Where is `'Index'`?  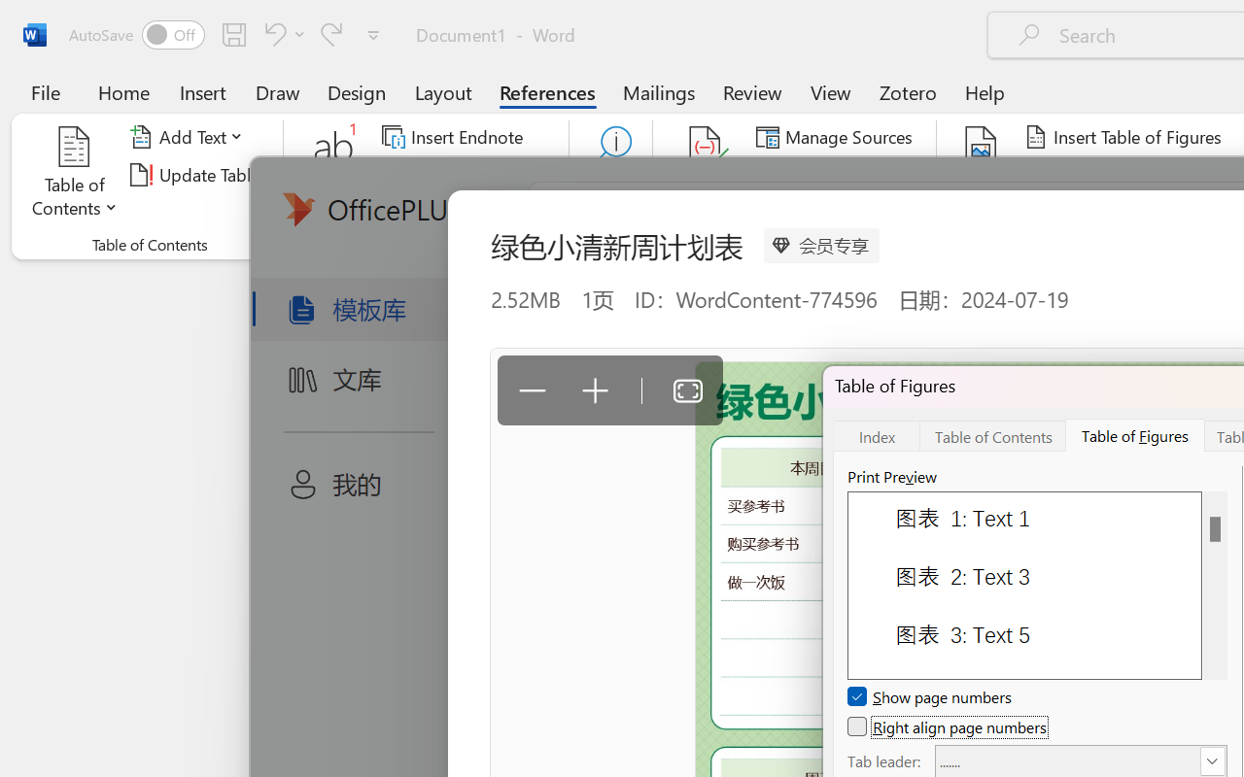
'Index' is located at coordinates (876, 434).